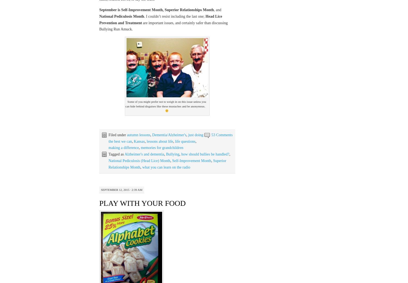  What do you see at coordinates (116, 154) in the screenshot?
I see `'Tagged as'` at bounding box center [116, 154].